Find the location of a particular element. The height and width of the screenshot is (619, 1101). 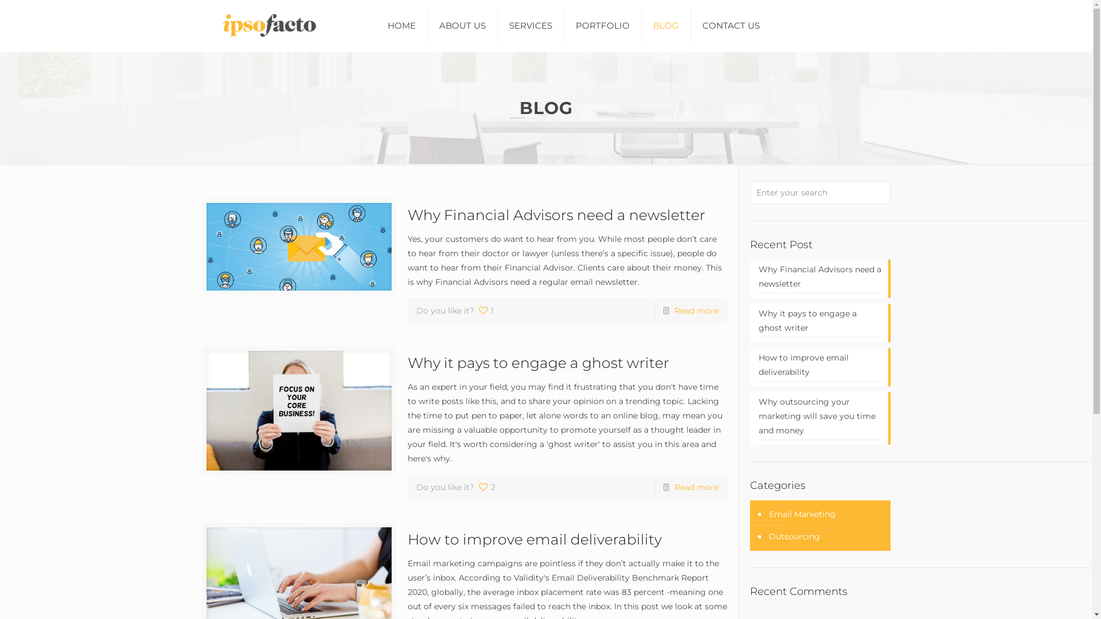

'Outsourcing' is located at coordinates (792, 536).